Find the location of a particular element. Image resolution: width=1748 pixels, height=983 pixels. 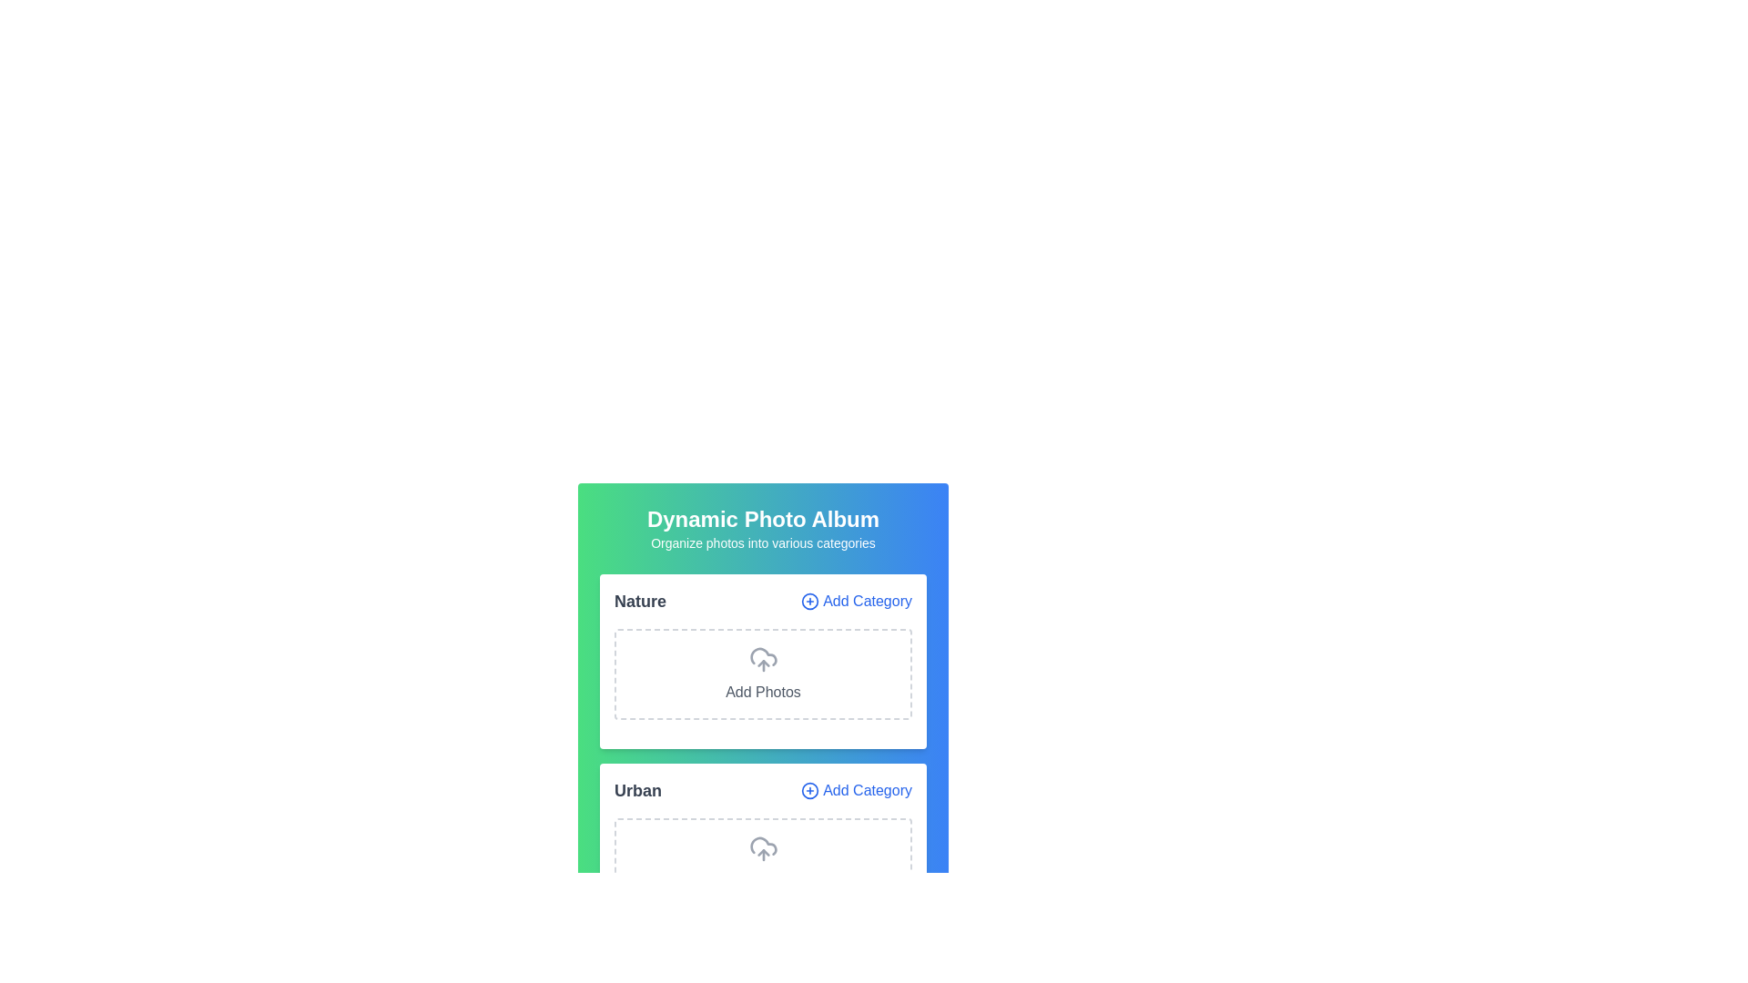

the bordered rectangular area with a dashed outline that contains the text 'Add Photos' and a cloud upload icon, located within the 'Nature' card is located at coordinates (763, 661).